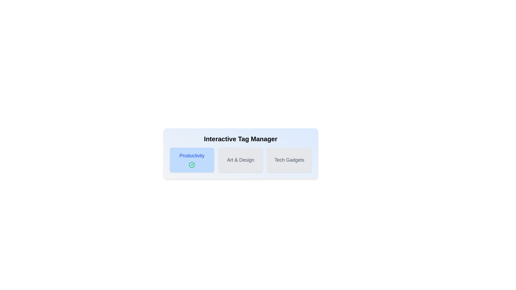  Describe the element at coordinates (192, 160) in the screenshot. I see `the button labeled 'Productivity' to observe its hover effect` at that location.